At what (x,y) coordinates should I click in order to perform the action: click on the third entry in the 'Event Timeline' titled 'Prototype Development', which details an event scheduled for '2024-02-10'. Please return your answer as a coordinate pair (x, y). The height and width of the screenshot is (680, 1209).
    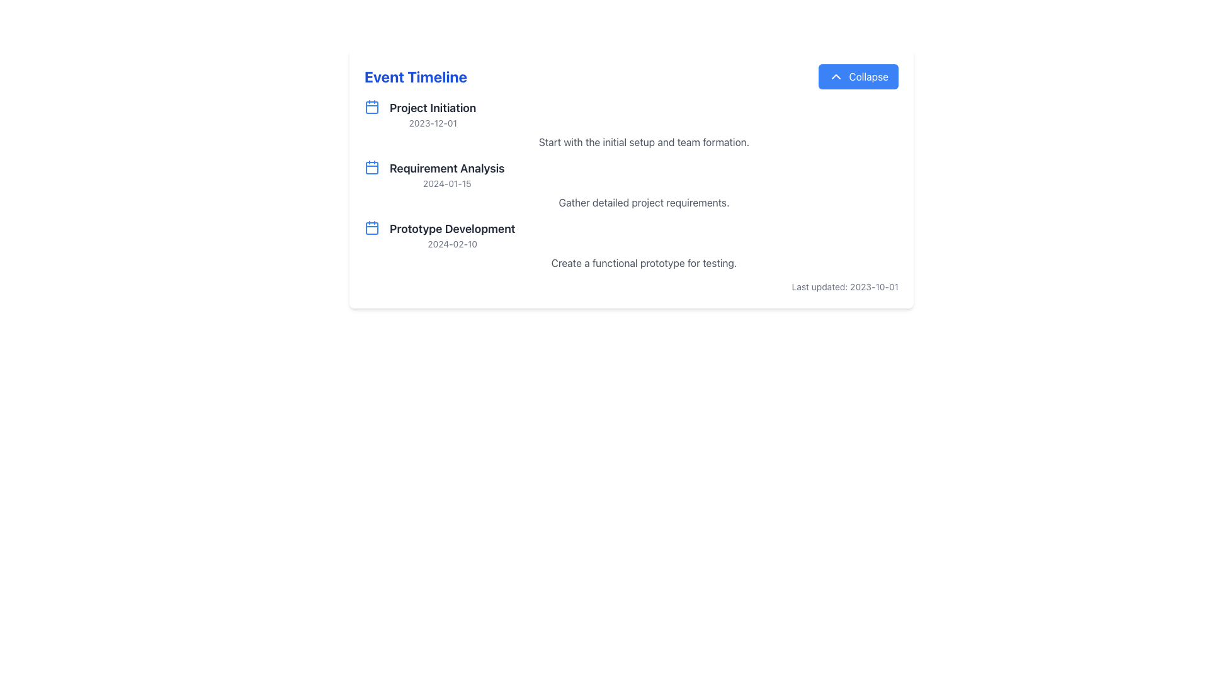
    Looking at the image, I should click on (452, 235).